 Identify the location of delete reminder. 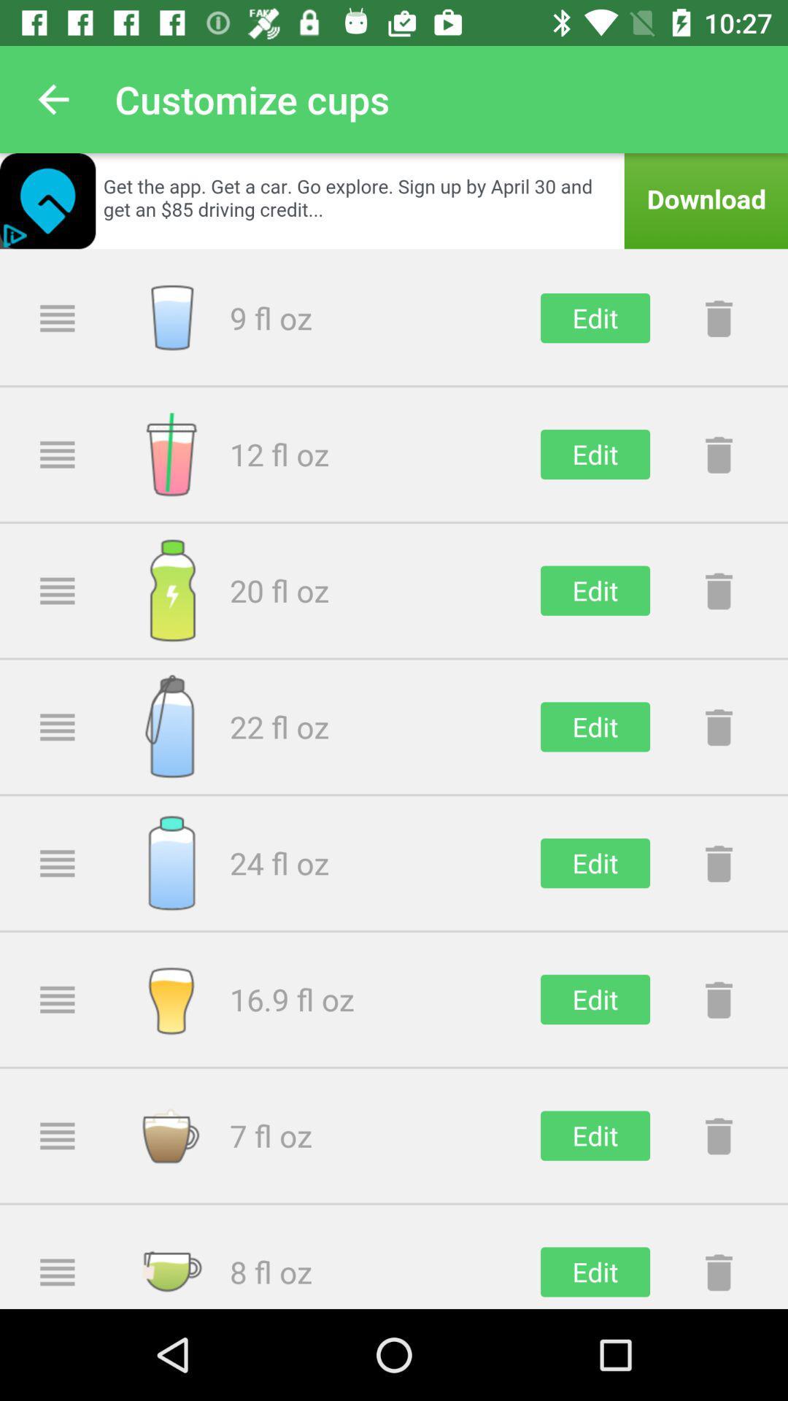
(718, 1271).